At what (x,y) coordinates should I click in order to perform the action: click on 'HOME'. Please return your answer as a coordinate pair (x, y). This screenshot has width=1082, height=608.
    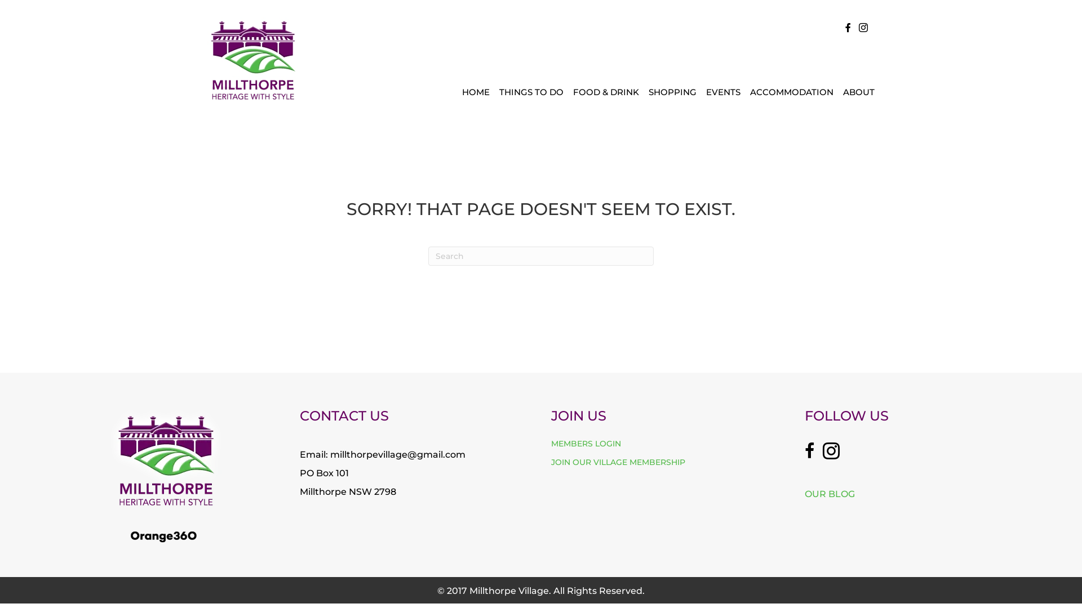
    Looking at the image, I should click on (457, 91).